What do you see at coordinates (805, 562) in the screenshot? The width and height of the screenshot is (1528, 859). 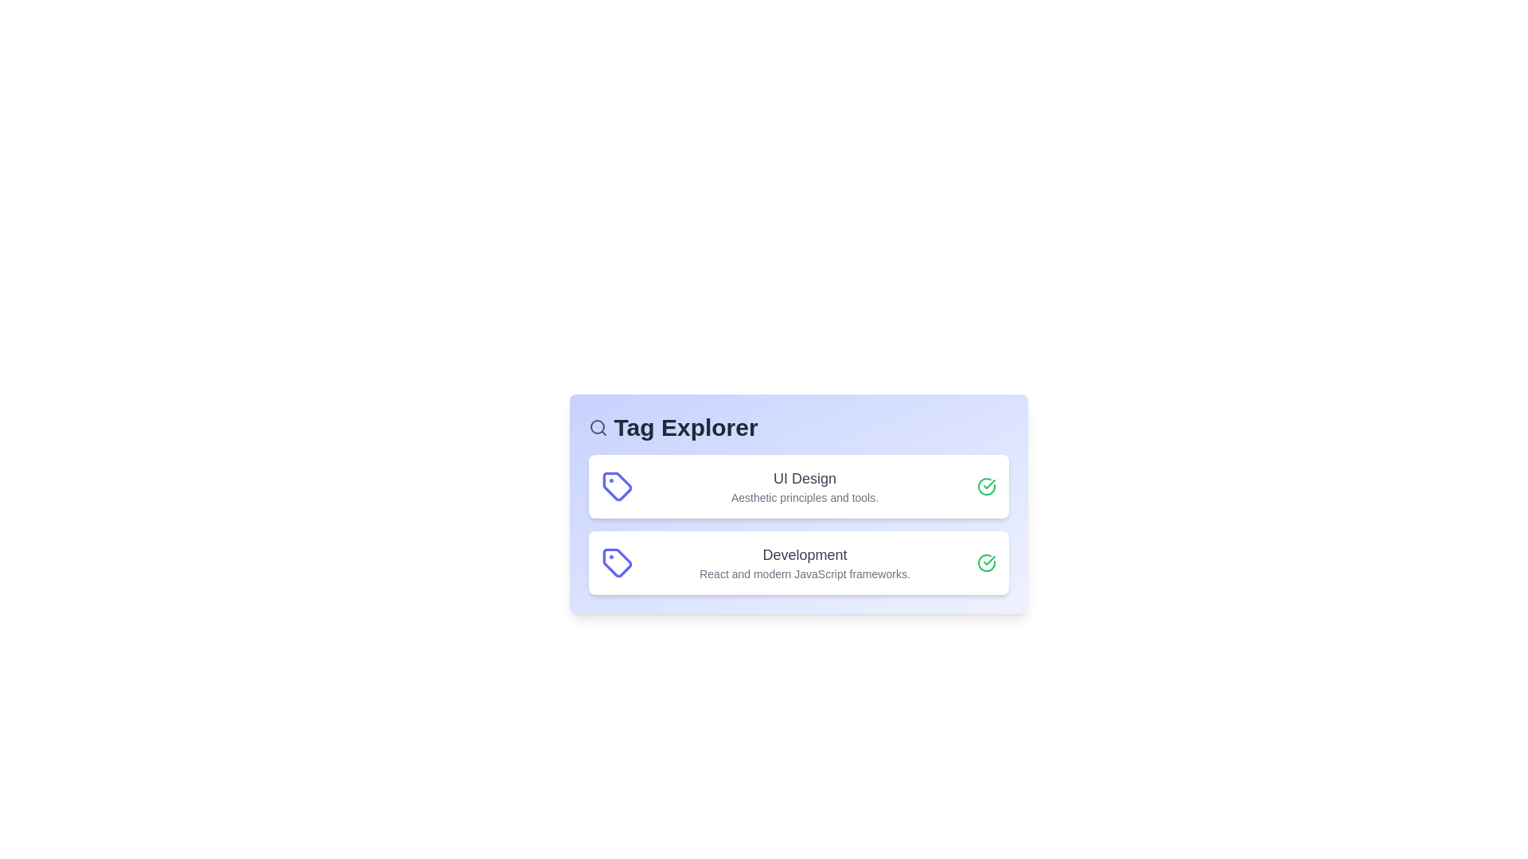 I see `the description of the tag 'Development' to reveal more details` at bounding box center [805, 562].